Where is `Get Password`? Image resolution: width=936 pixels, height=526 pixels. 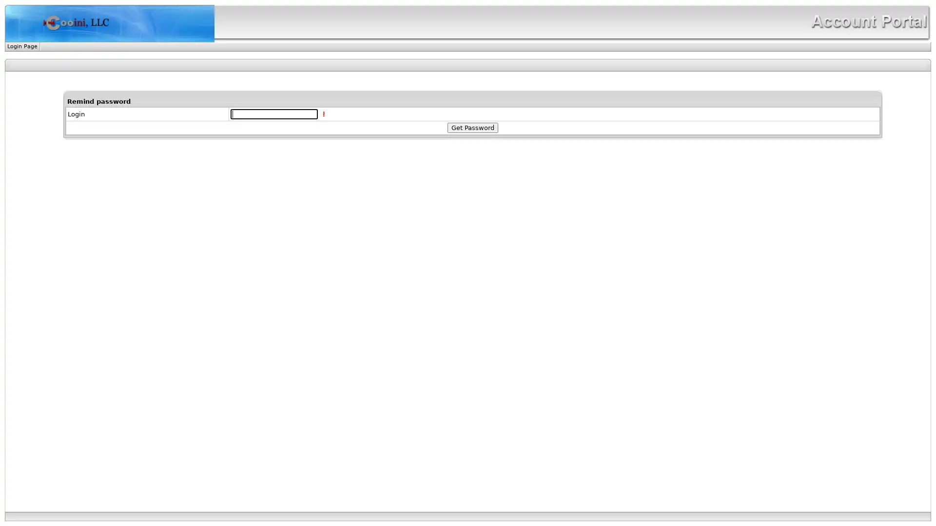 Get Password is located at coordinates (472, 127).